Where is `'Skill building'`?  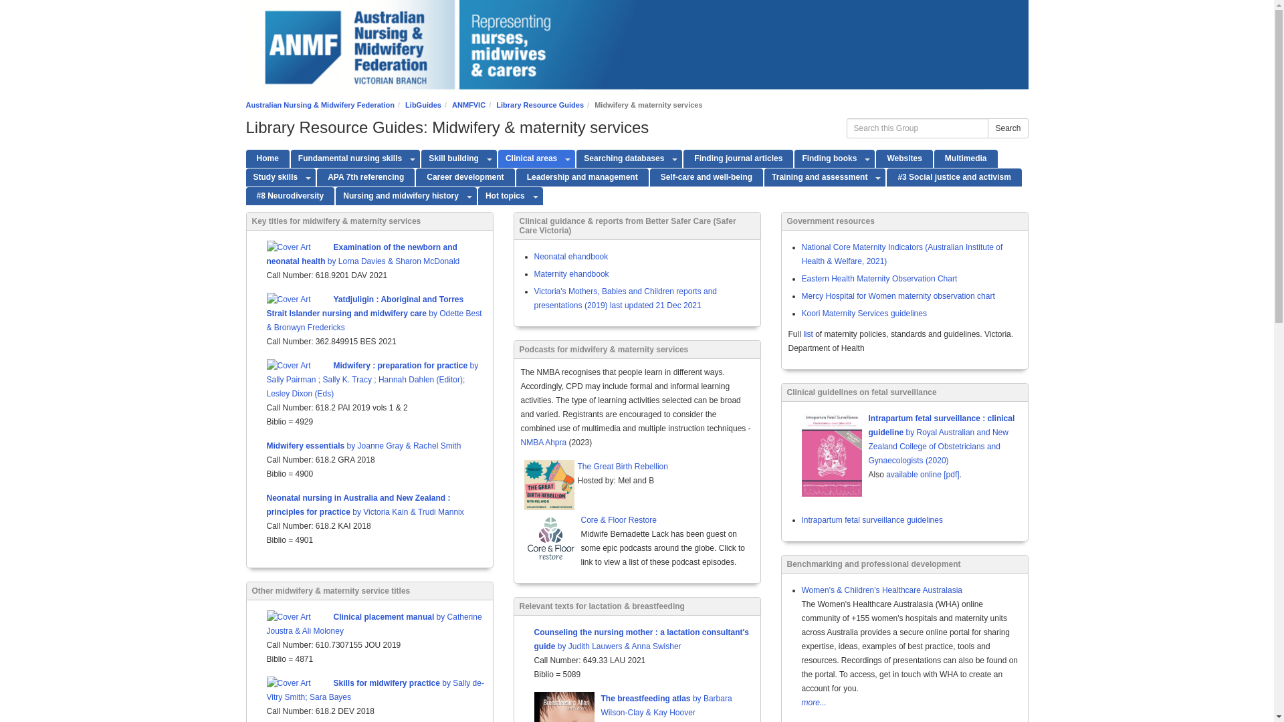 'Skill building' is located at coordinates (452, 158).